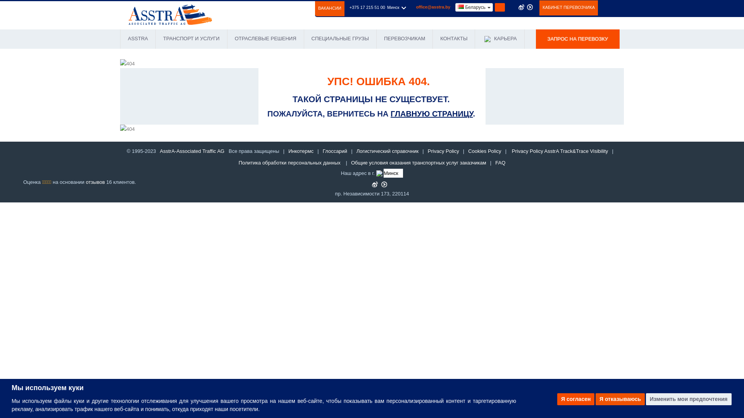 The width and height of the screenshot is (744, 418). Describe the element at coordinates (443, 151) in the screenshot. I see `'Privacy Policy'` at that location.